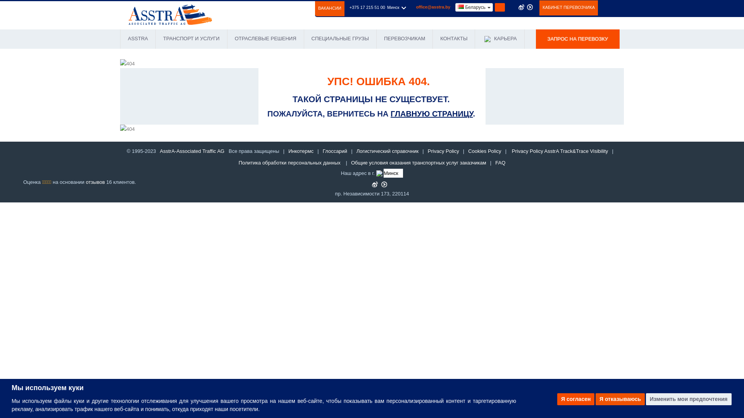 The width and height of the screenshot is (744, 418). Describe the element at coordinates (443, 151) in the screenshot. I see `'Privacy Policy'` at that location.